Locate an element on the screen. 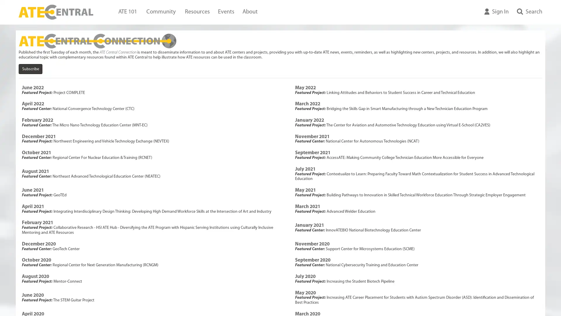  MagnifyingGlass Search is located at coordinates (527, 12).